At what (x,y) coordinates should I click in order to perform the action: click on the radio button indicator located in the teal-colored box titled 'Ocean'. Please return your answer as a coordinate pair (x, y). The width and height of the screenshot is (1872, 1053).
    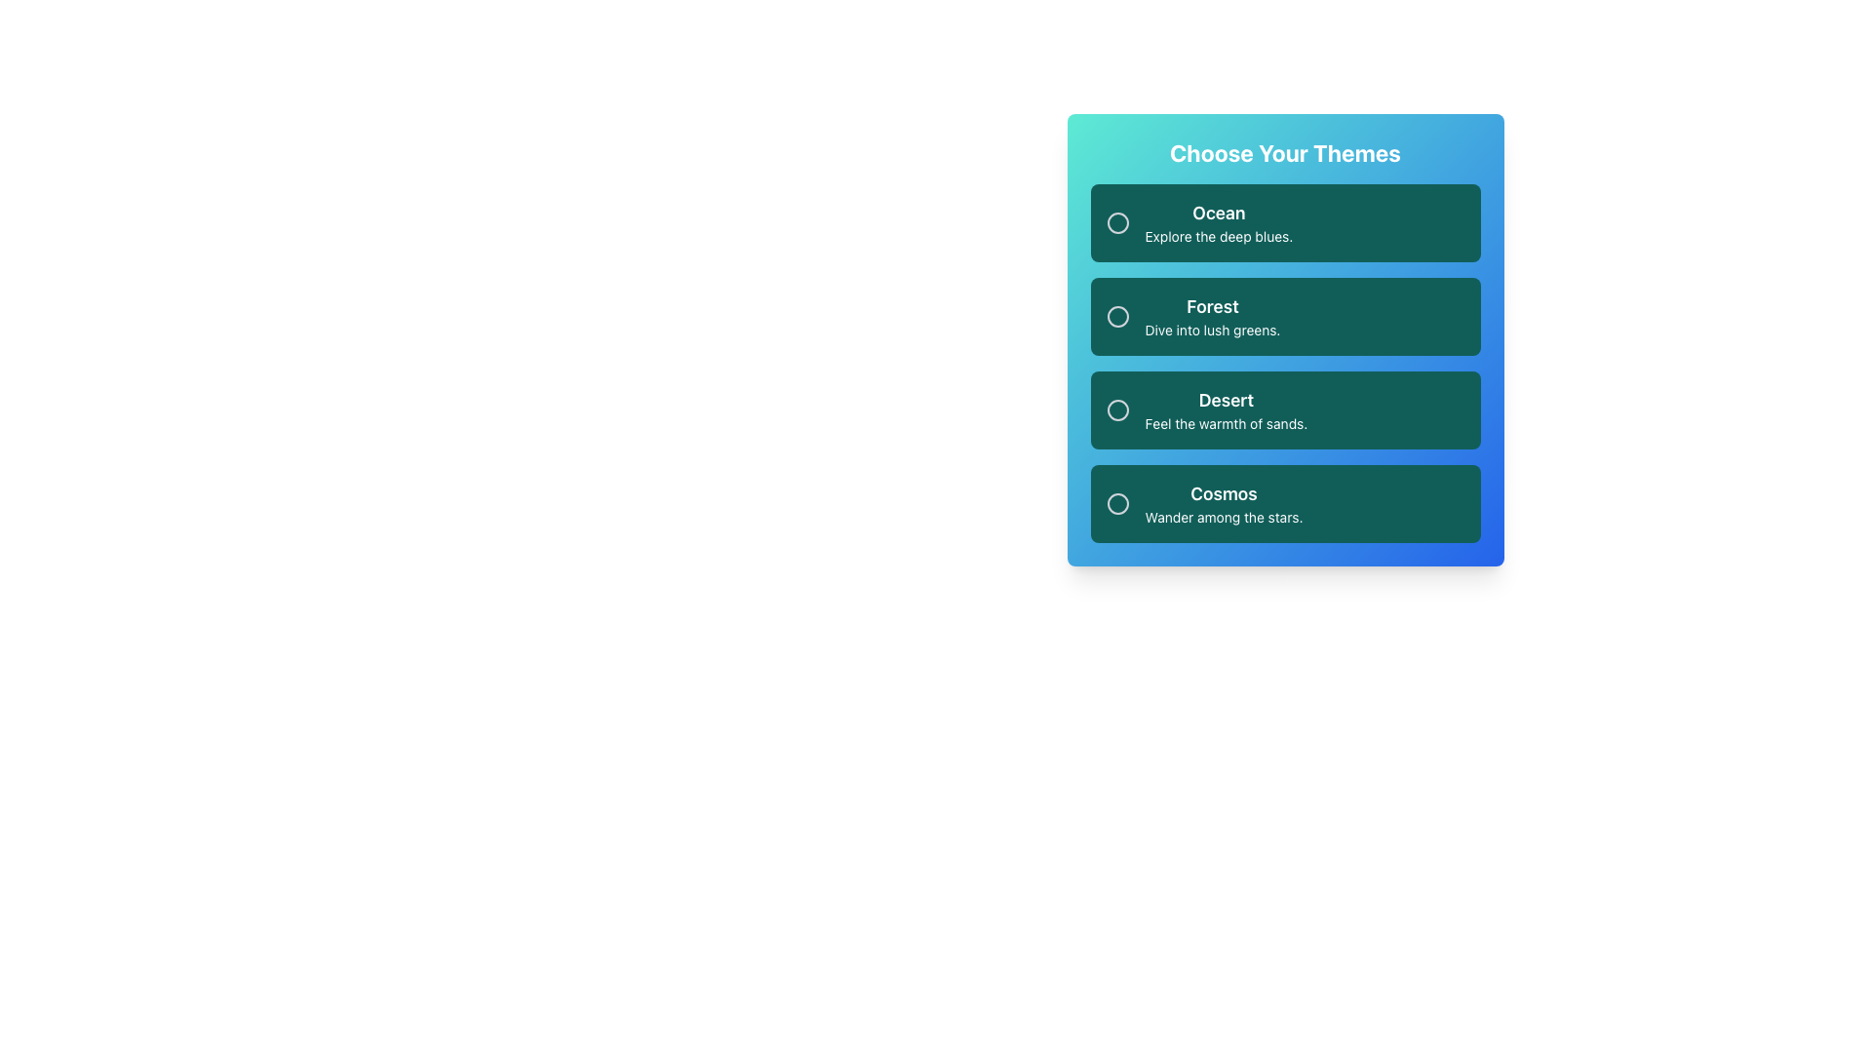
    Looking at the image, I should click on (1117, 221).